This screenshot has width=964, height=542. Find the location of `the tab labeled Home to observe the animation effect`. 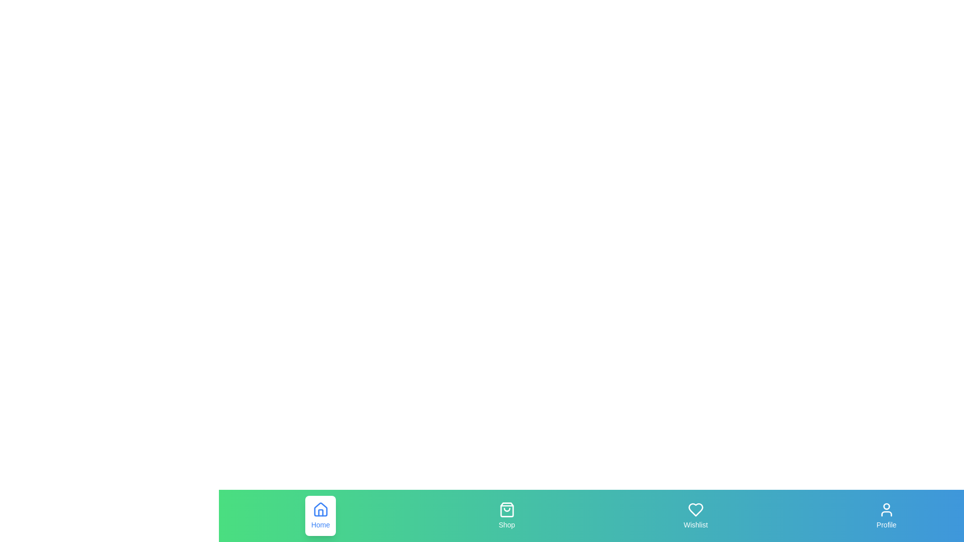

the tab labeled Home to observe the animation effect is located at coordinates (320, 516).